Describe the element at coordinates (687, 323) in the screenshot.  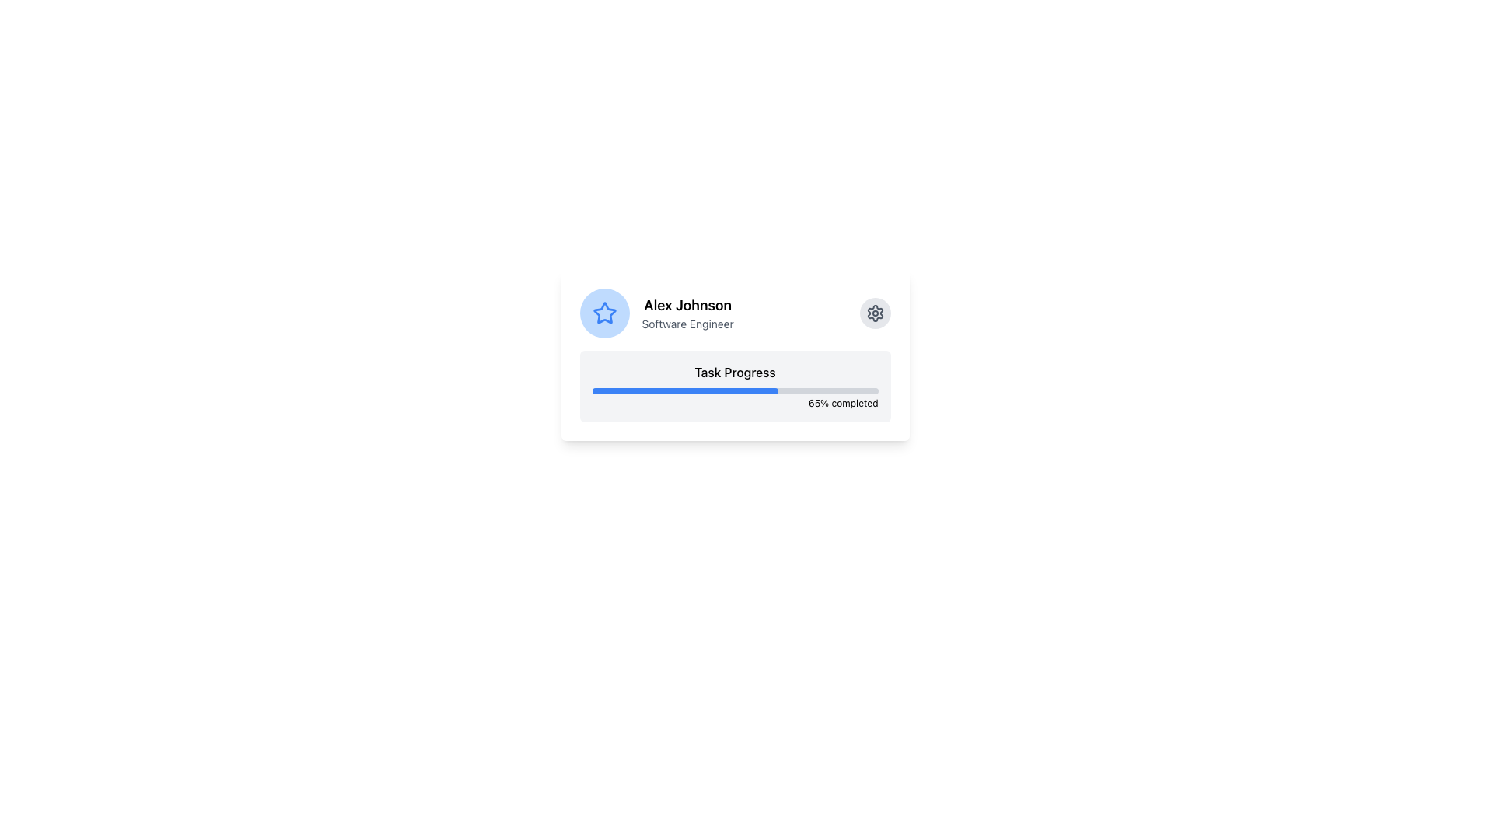
I see `the text label displaying 'Software Engineer' which is styled in a smaller grayish font and positioned below 'Alex Johnson' within the card-like structure` at that location.